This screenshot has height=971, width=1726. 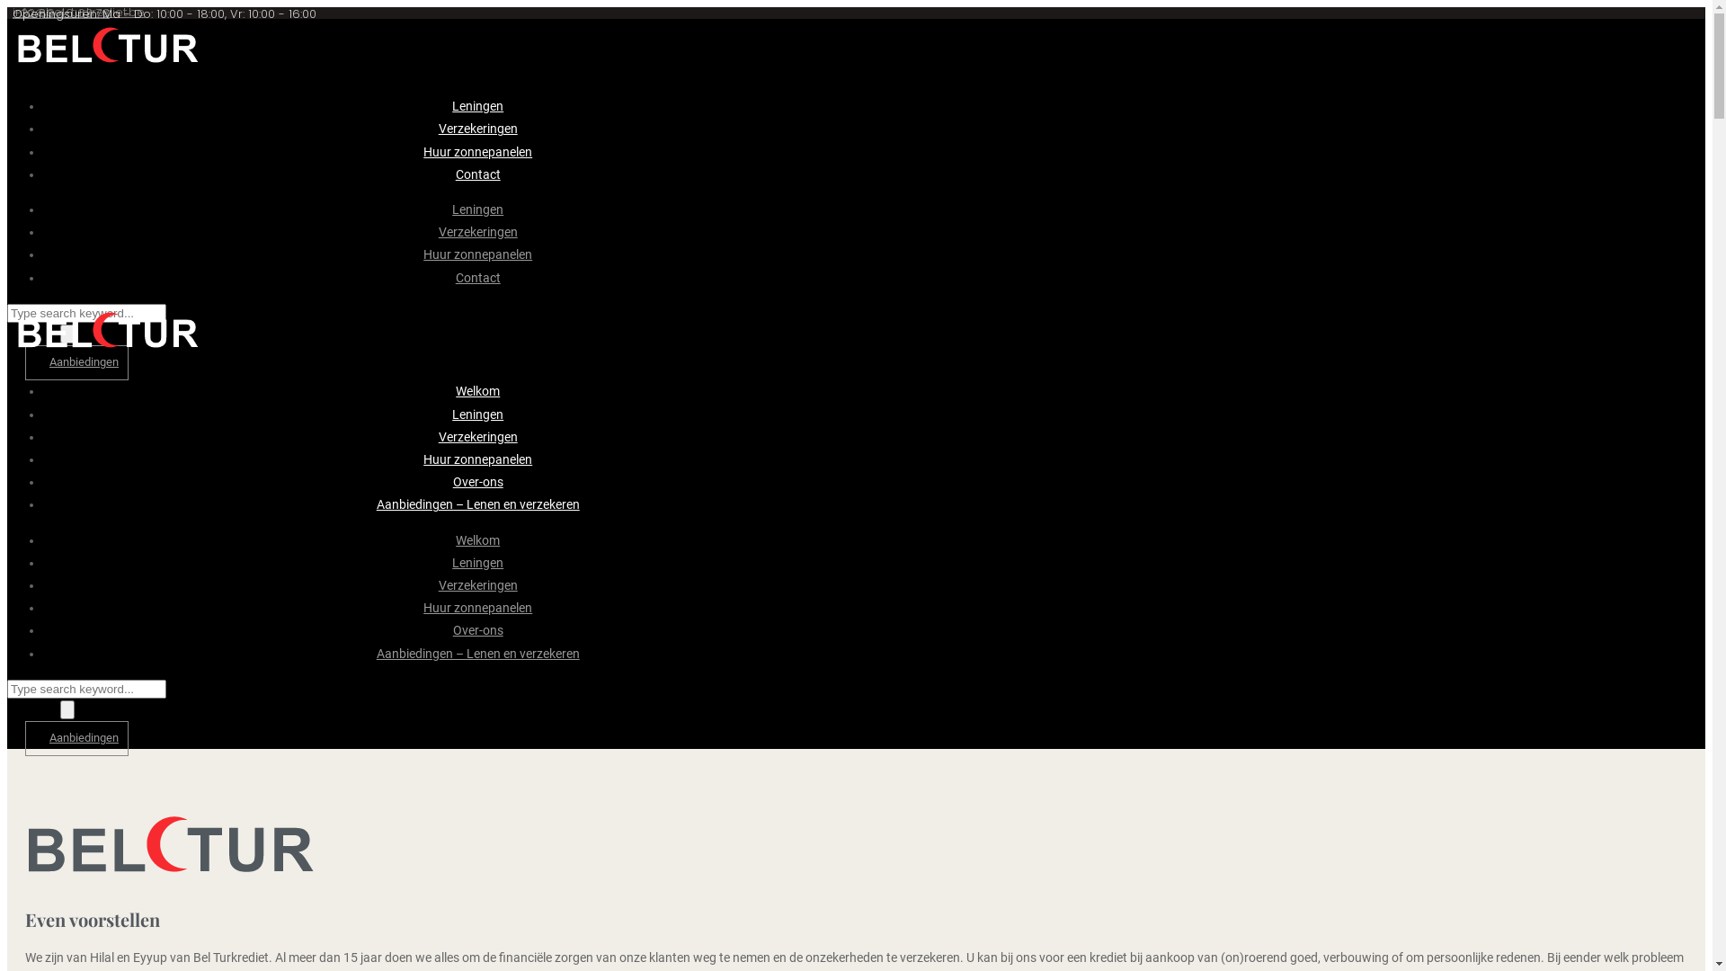 What do you see at coordinates (478, 437) in the screenshot?
I see `'Verzekeringen'` at bounding box center [478, 437].